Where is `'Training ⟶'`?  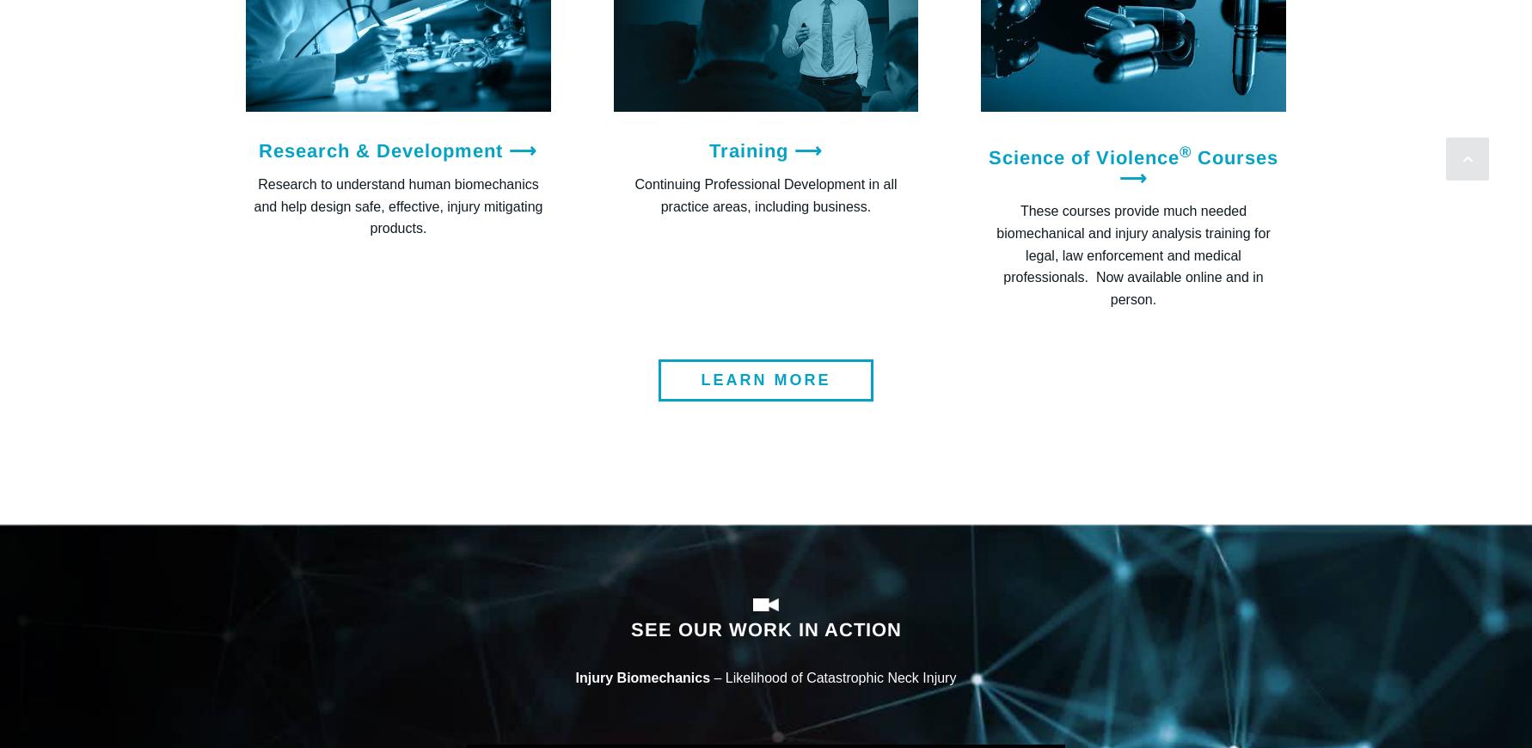 'Training ⟶' is located at coordinates (763, 150).